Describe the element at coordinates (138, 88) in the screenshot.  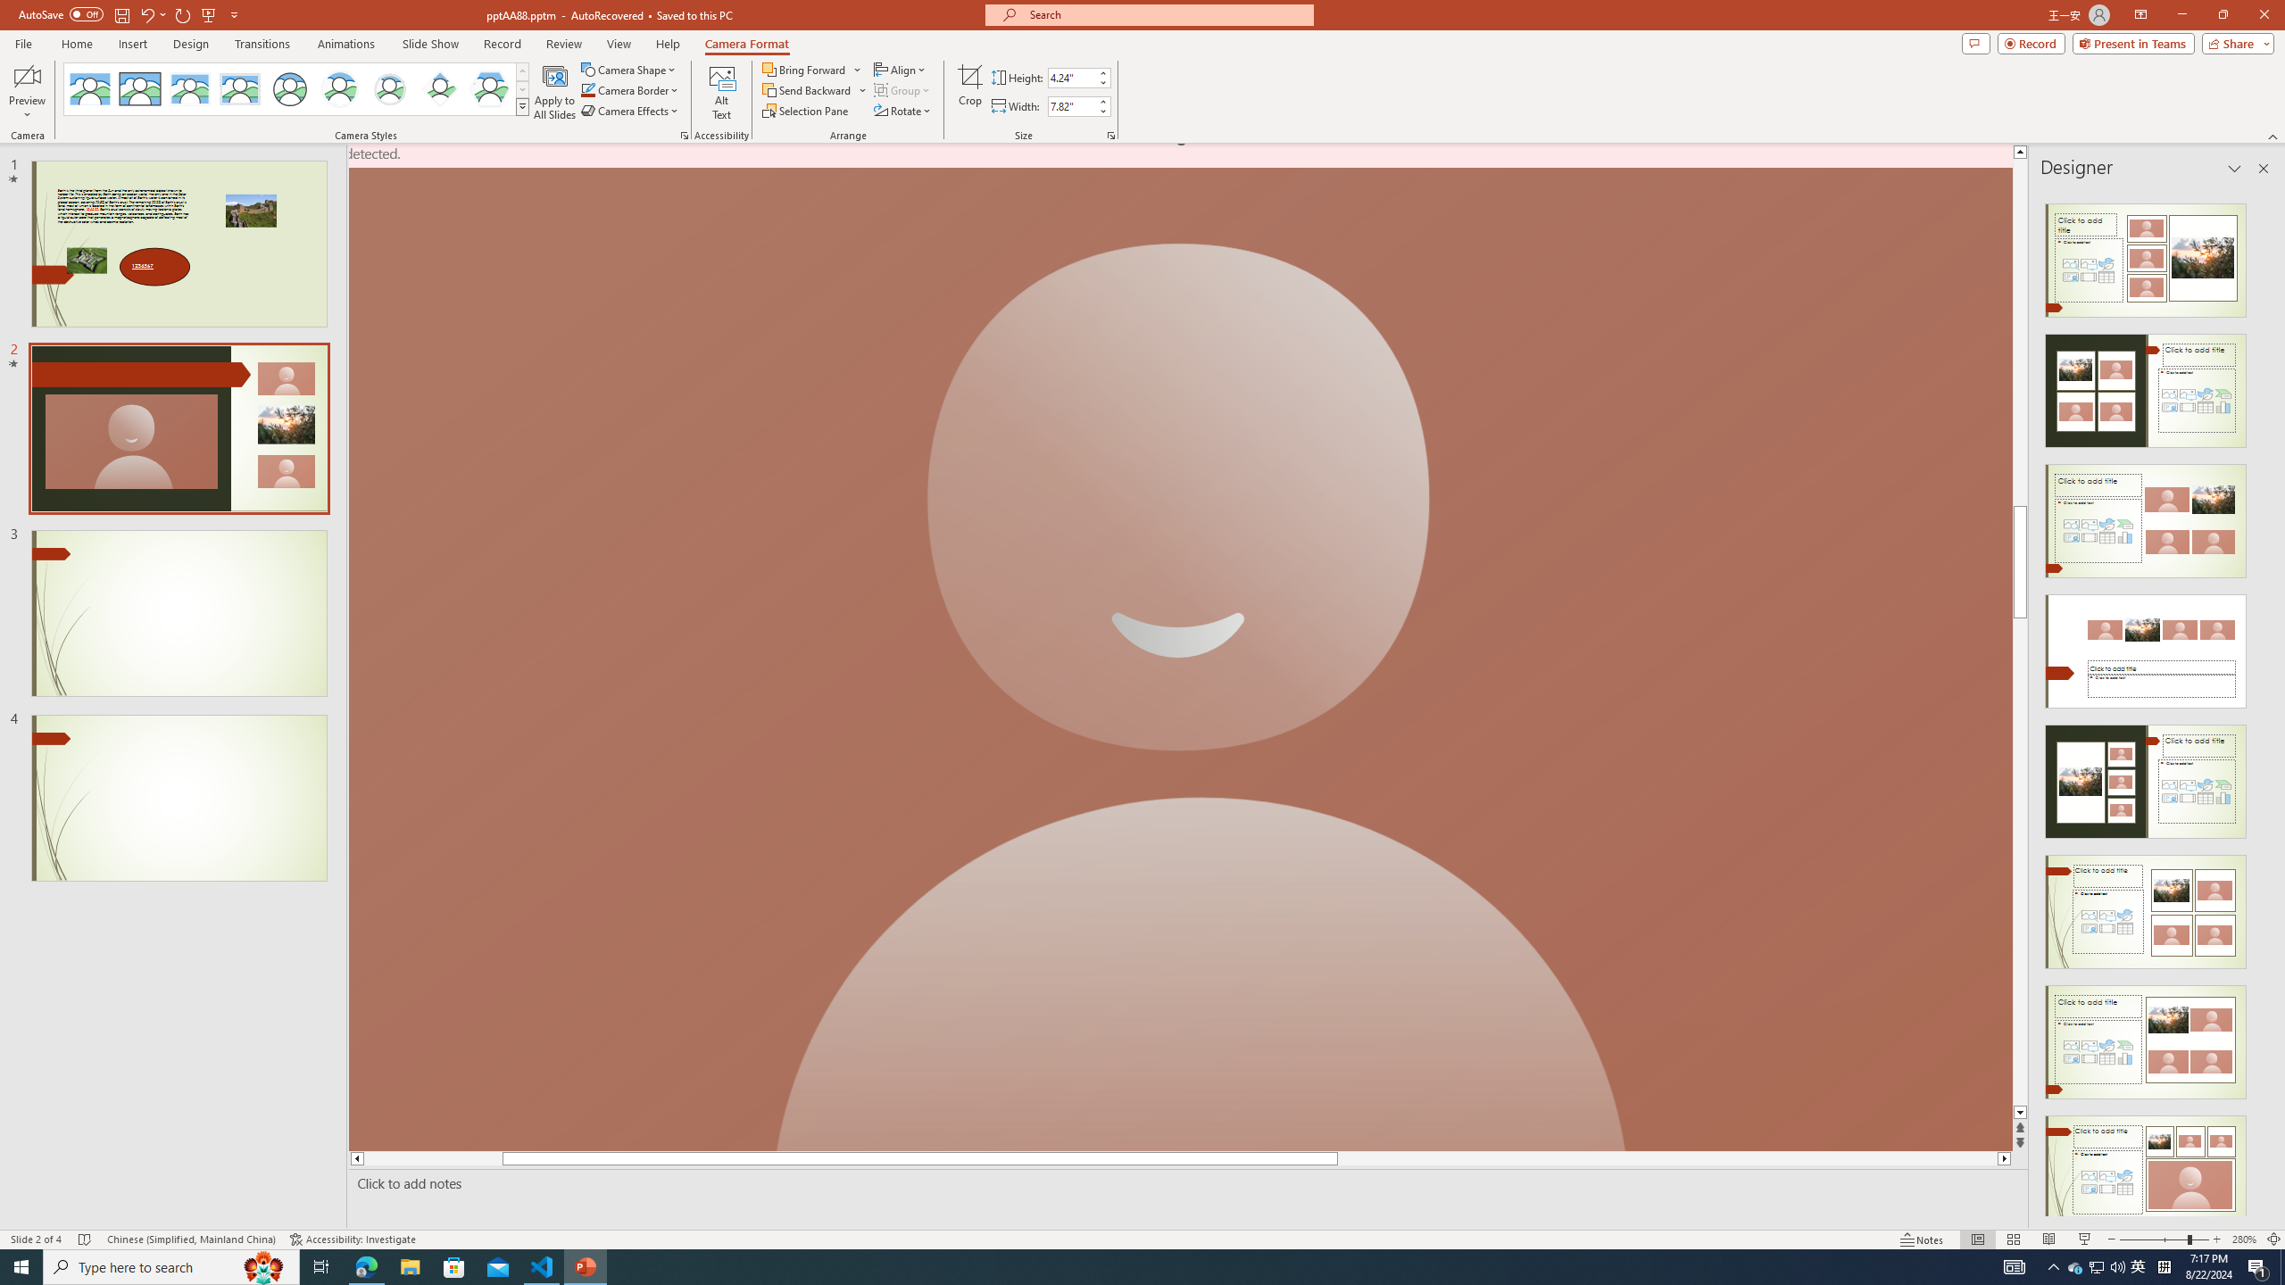
I see `'Simple Frame Rectangle'` at that location.